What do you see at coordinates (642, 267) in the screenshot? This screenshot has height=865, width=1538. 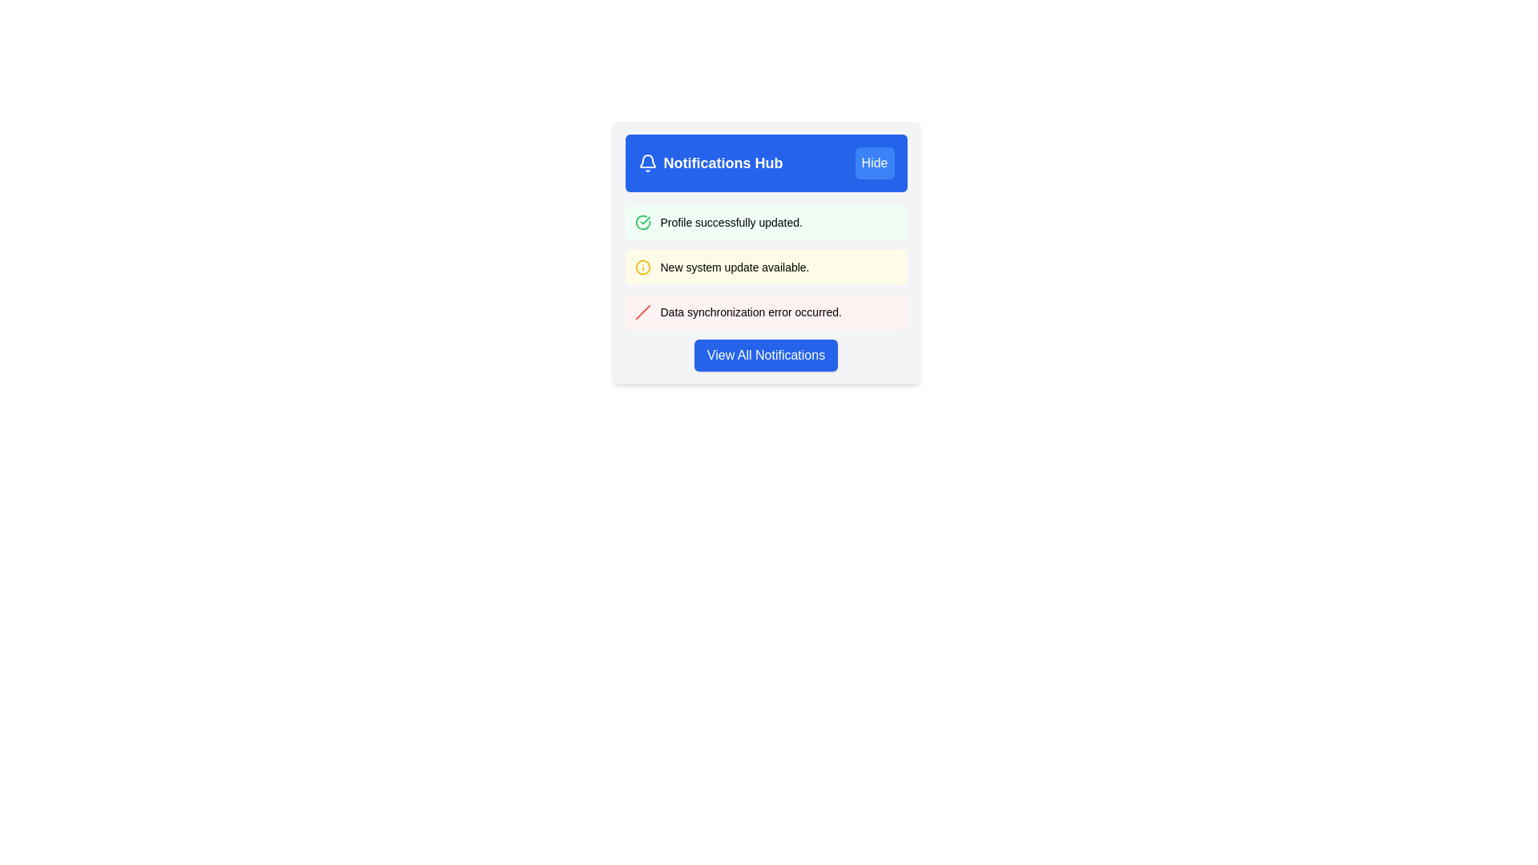 I see `the visual effect of the yellow circular outline decorative element within the info icon located on the left side of the Notifications Hub title bar` at bounding box center [642, 267].